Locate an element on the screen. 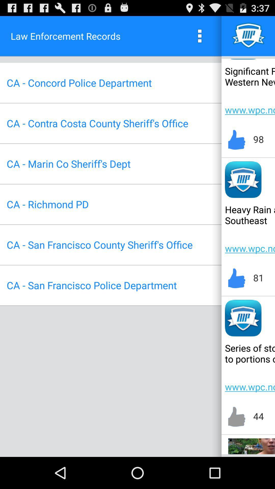 The width and height of the screenshot is (275, 489). app below ca concord police icon is located at coordinates (97, 123).